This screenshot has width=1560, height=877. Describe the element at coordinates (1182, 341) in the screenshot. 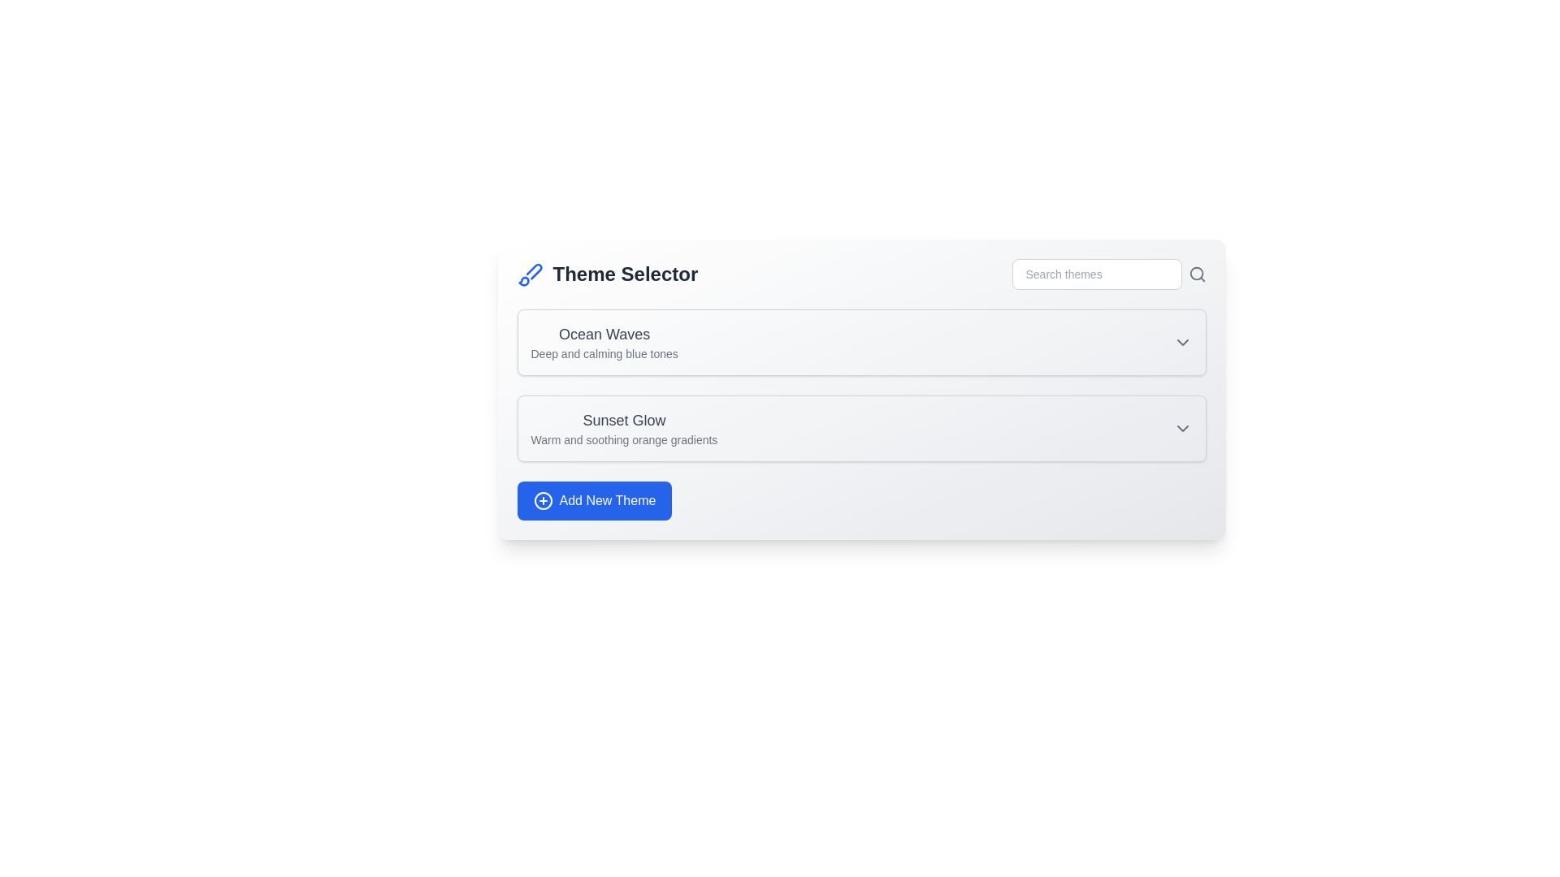

I see `the Dropdown indicator icon located to the right of the 'Ocean Waves' title and description` at that location.